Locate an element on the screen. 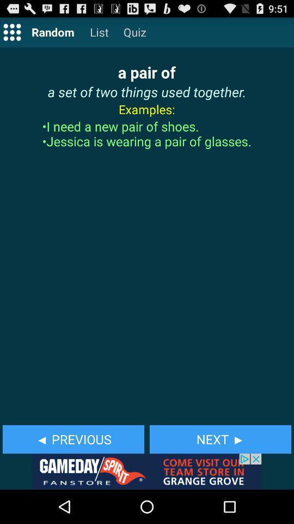 This screenshot has width=294, height=524. the dialpad icon is located at coordinates (11, 34).